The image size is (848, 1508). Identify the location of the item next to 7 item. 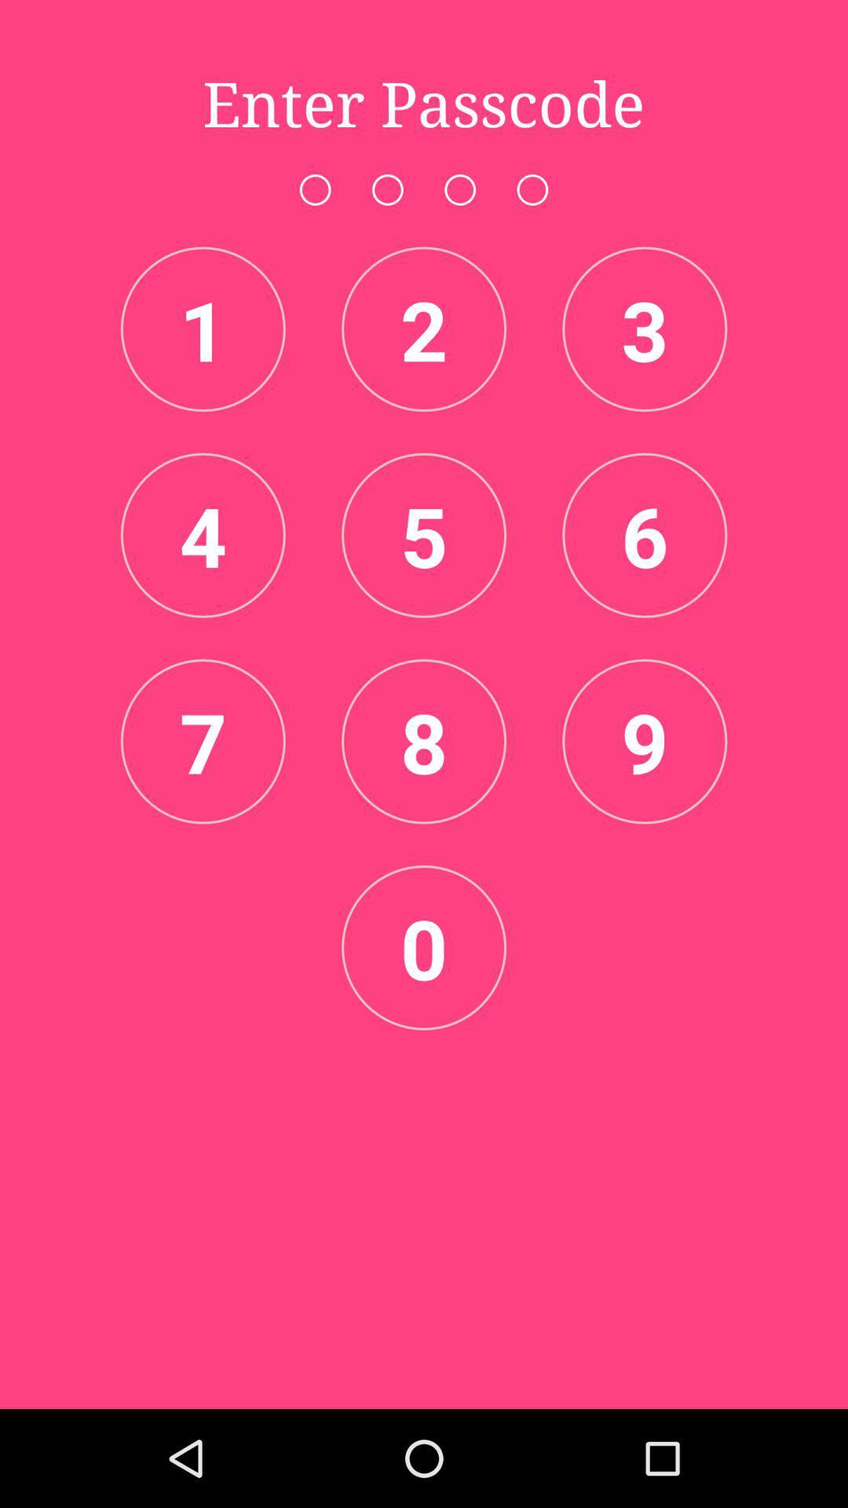
(424, 741).